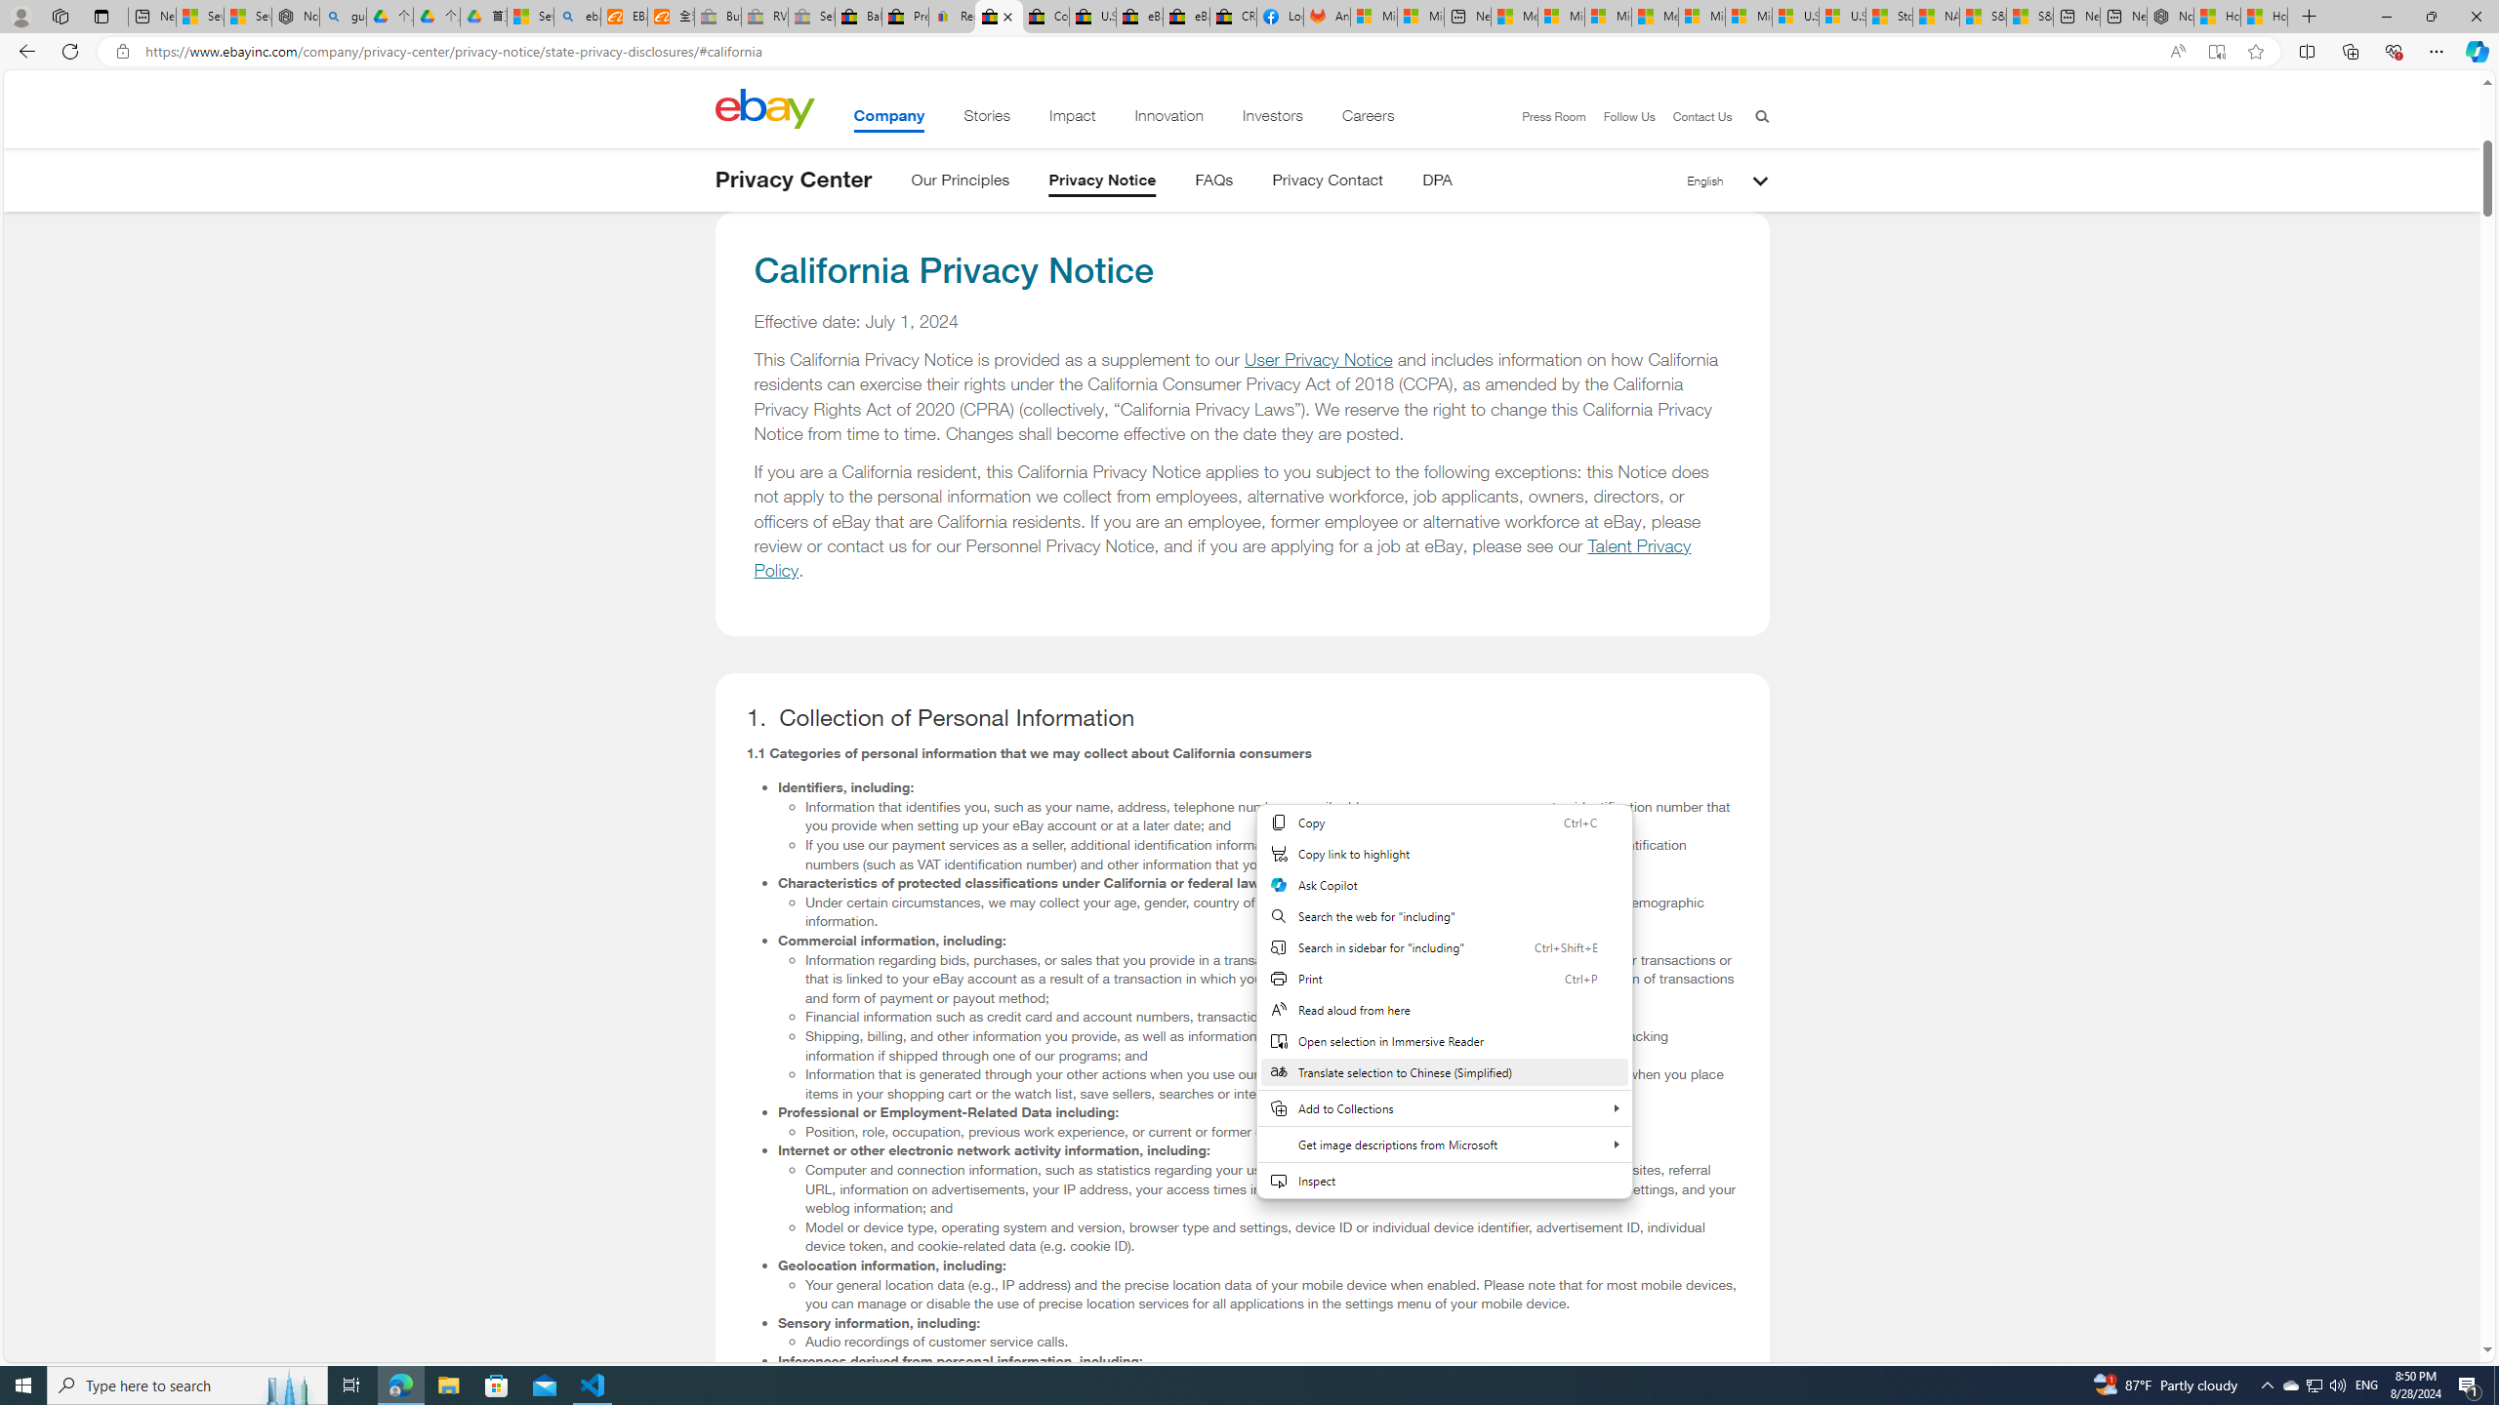 The width and height of the screenshot is (2499, 1405). I want to click on 'Ask Copilot', so click(1444, 885).